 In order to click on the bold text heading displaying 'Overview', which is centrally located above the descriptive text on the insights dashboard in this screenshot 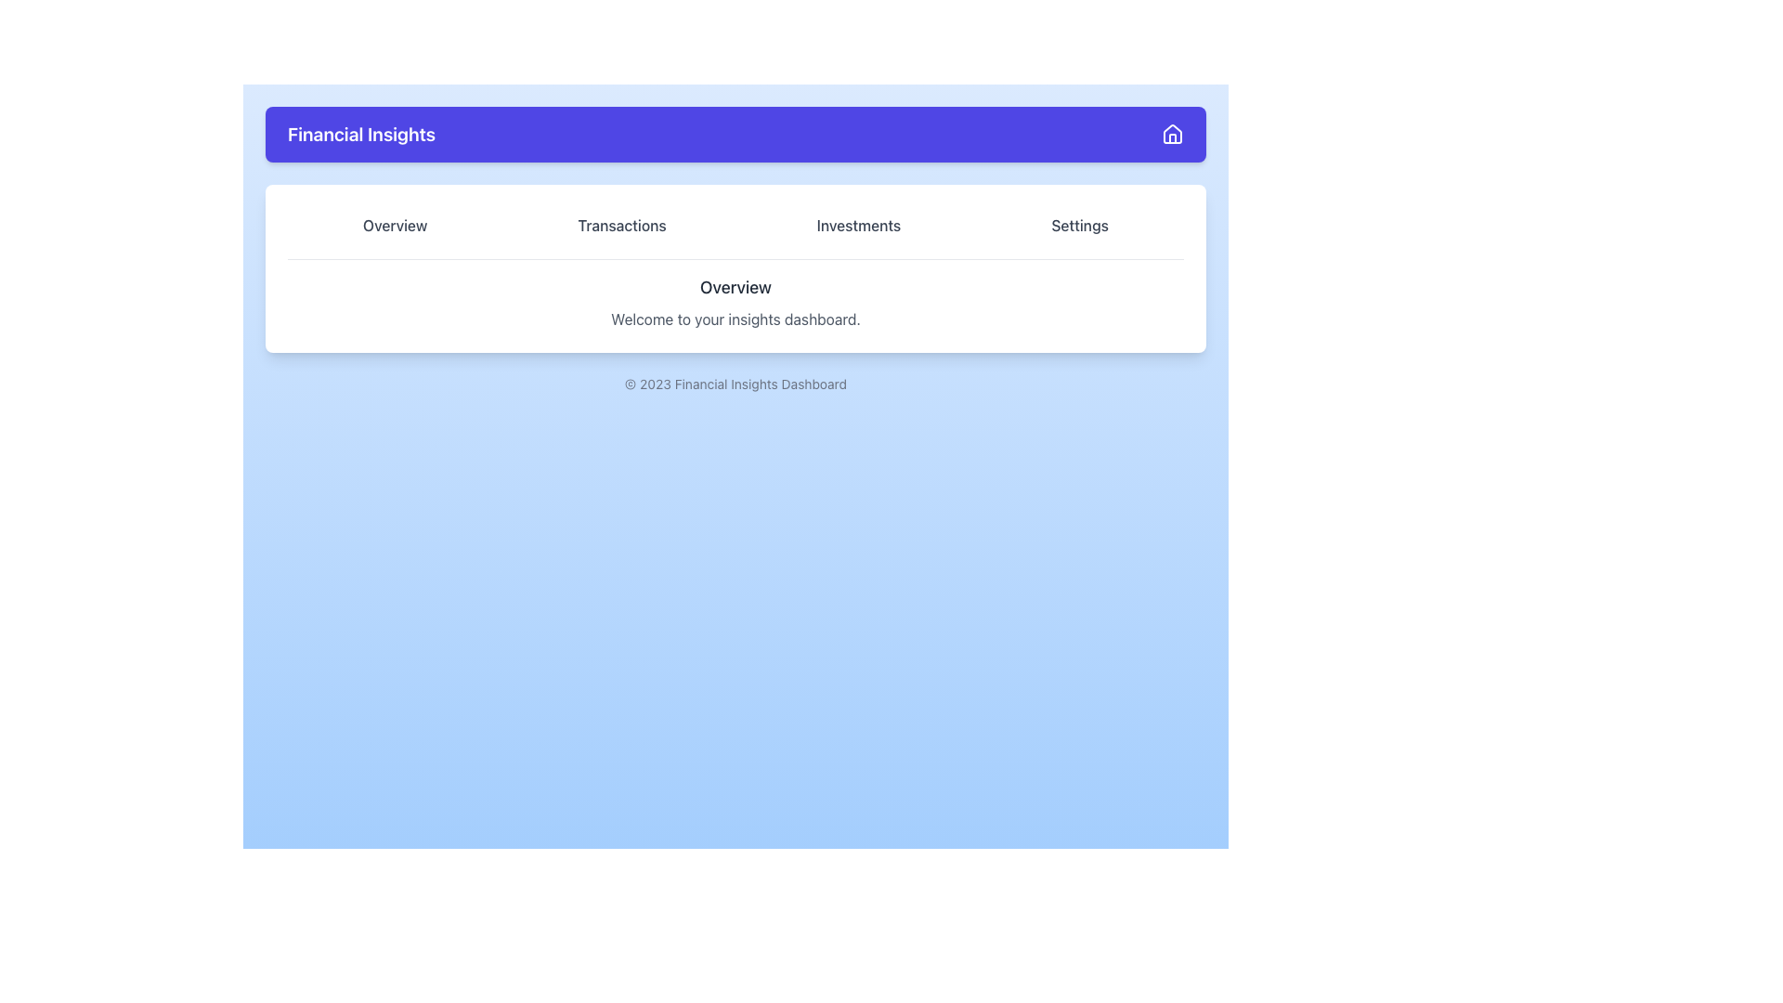, I will do `click(735, 287)`.